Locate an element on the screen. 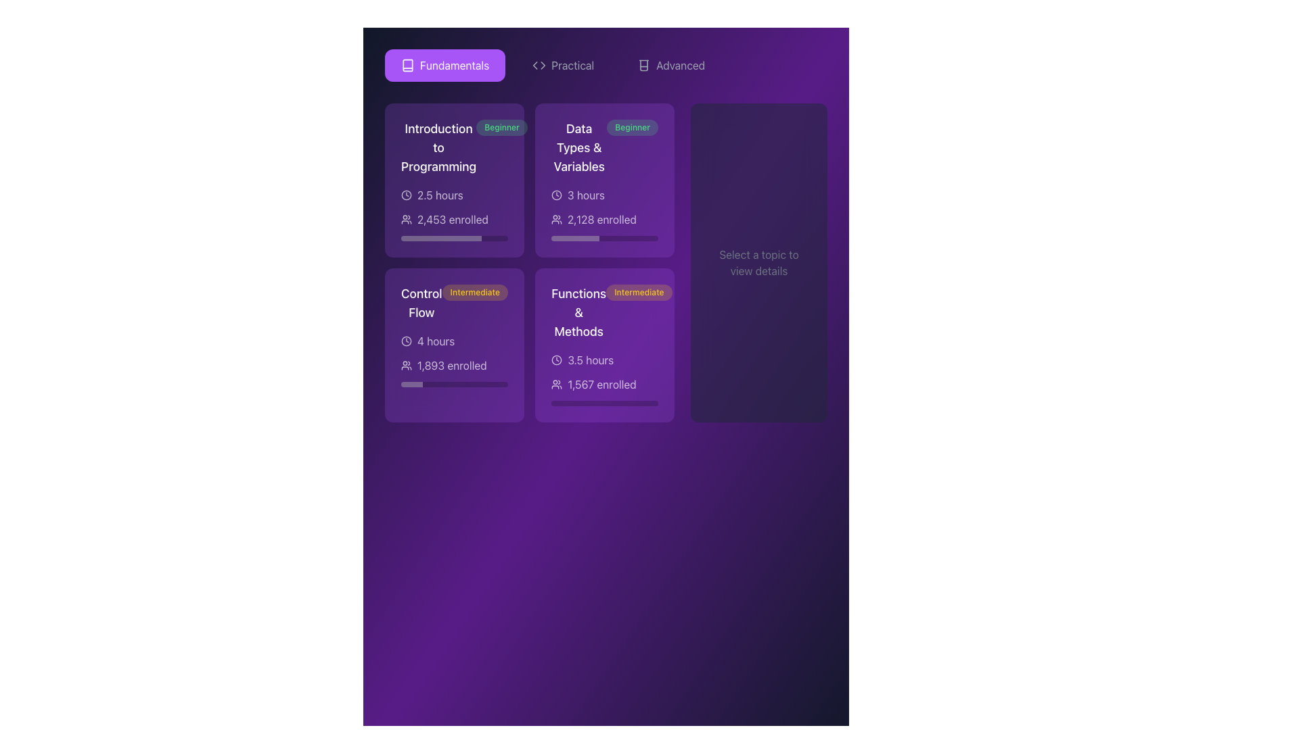 The height and width of the screenshot is (730, 1299). the text block that summarizes the course duration and enrolled participants for the 'Functions & Methods Intermediate' card, located in the lower section of the card is located at coordinates (603, 379).